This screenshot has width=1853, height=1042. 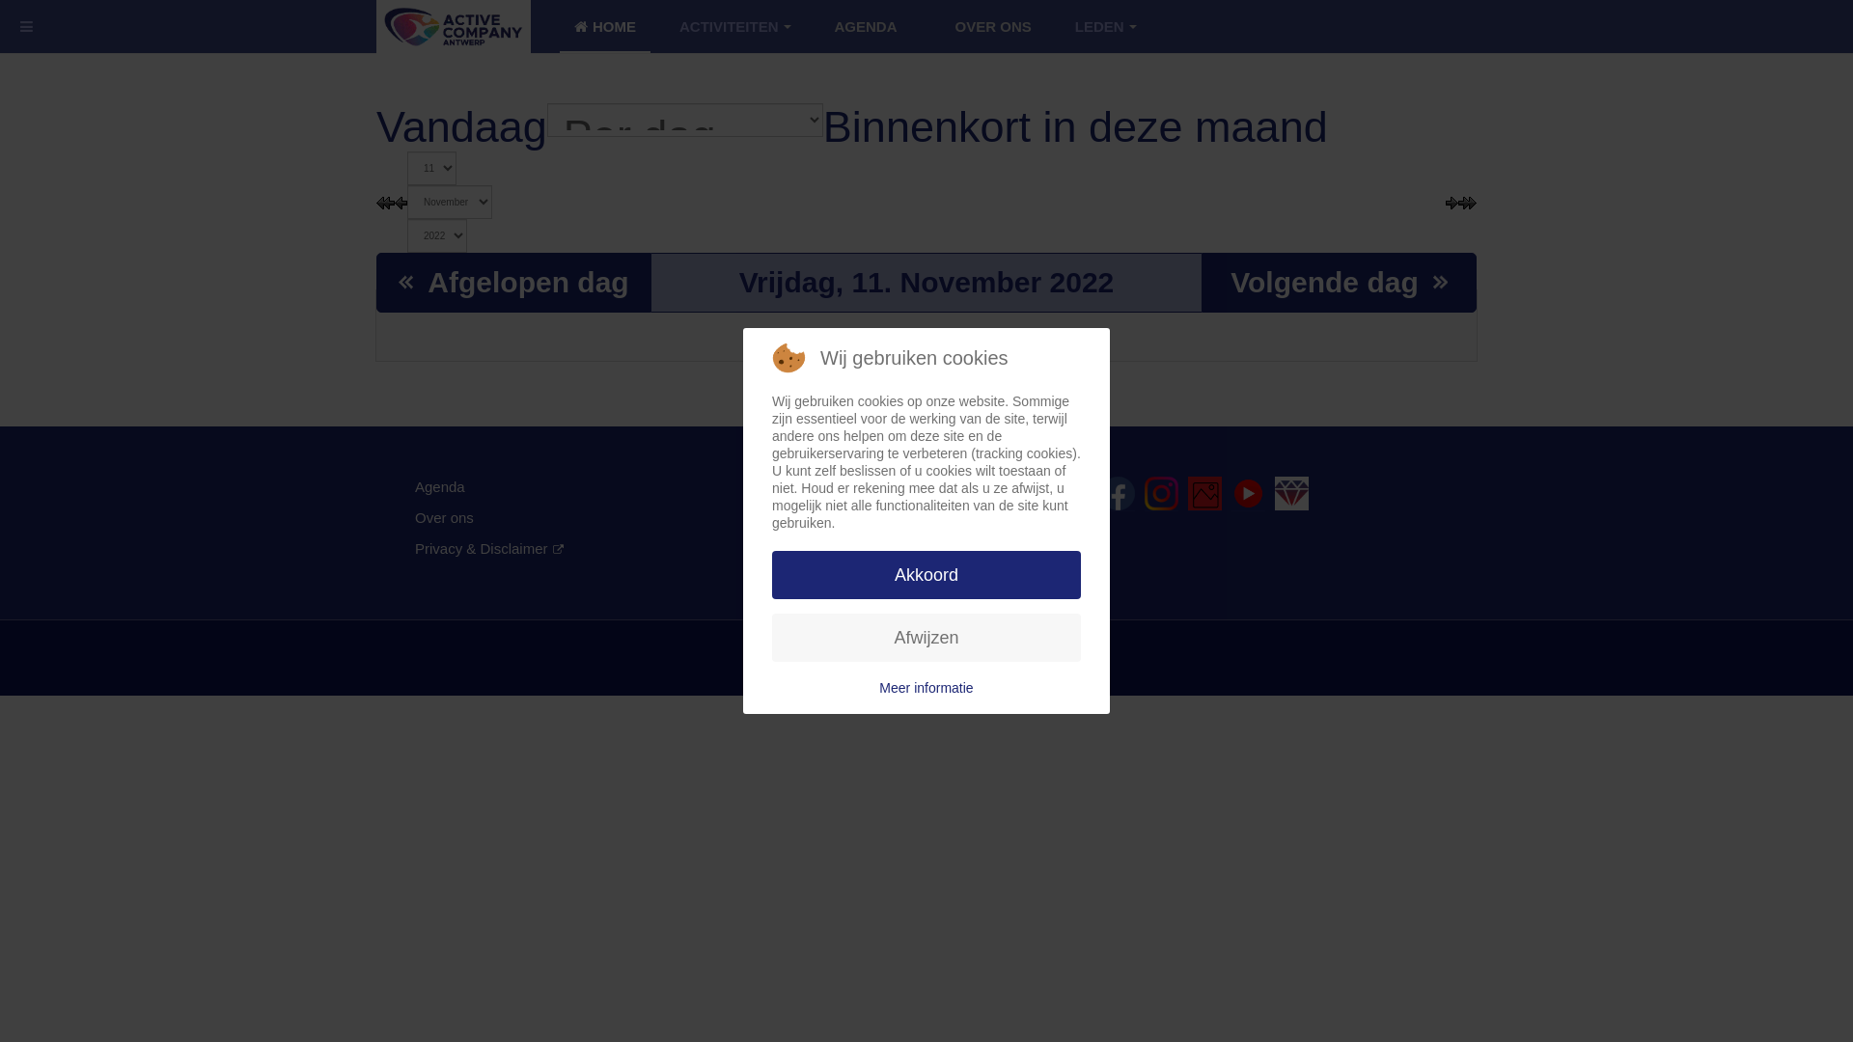 What do you see at coordinates (1203, 492) in the screenshot?
I see `'Pictures'` at bounding box center [1203, 492].